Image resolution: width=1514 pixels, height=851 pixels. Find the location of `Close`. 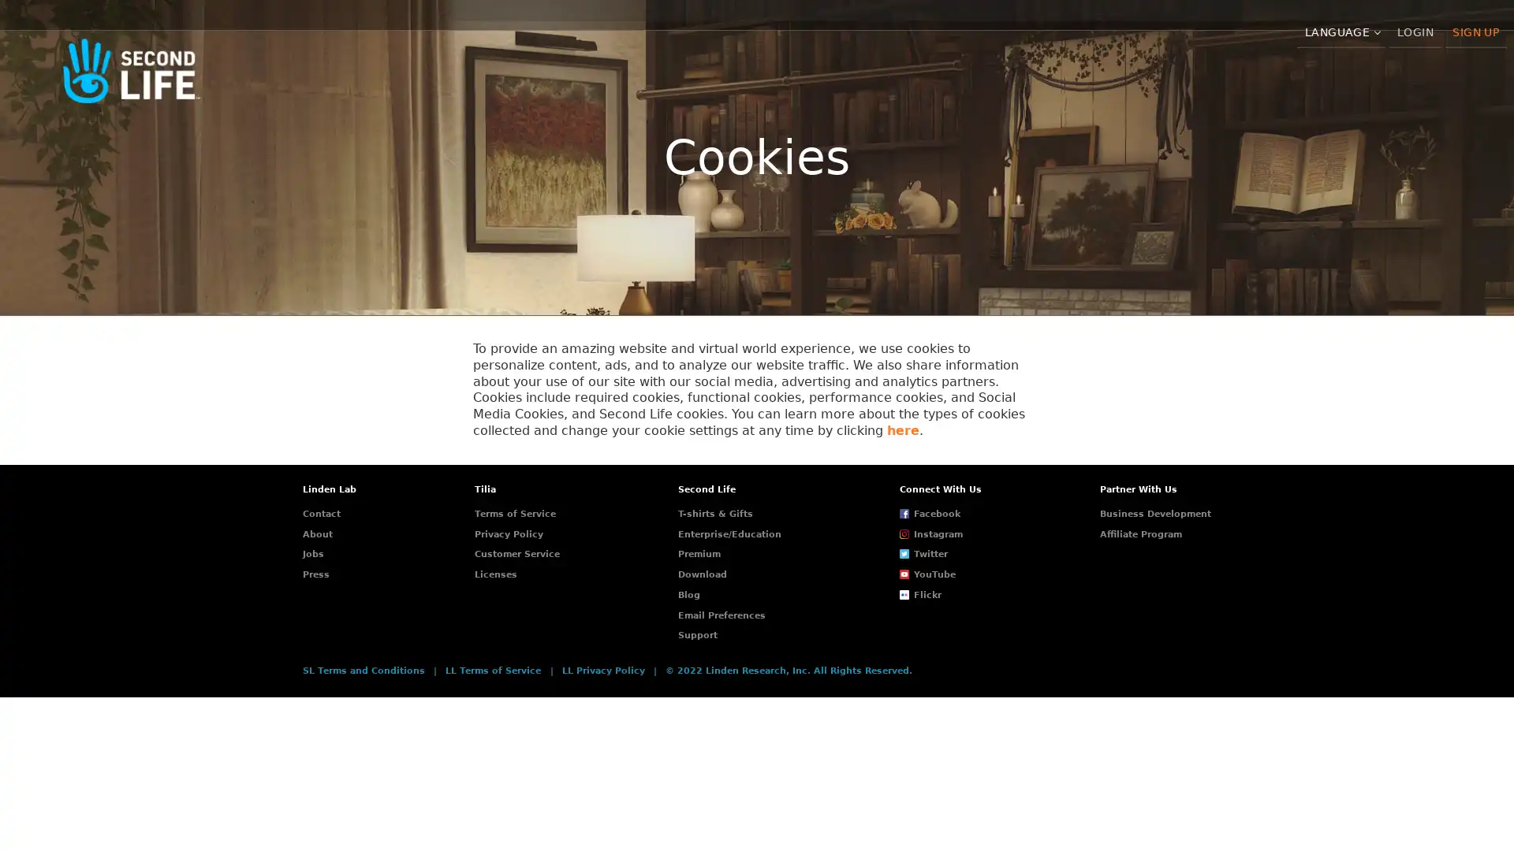

Close is located at coordinates (1180, 773).